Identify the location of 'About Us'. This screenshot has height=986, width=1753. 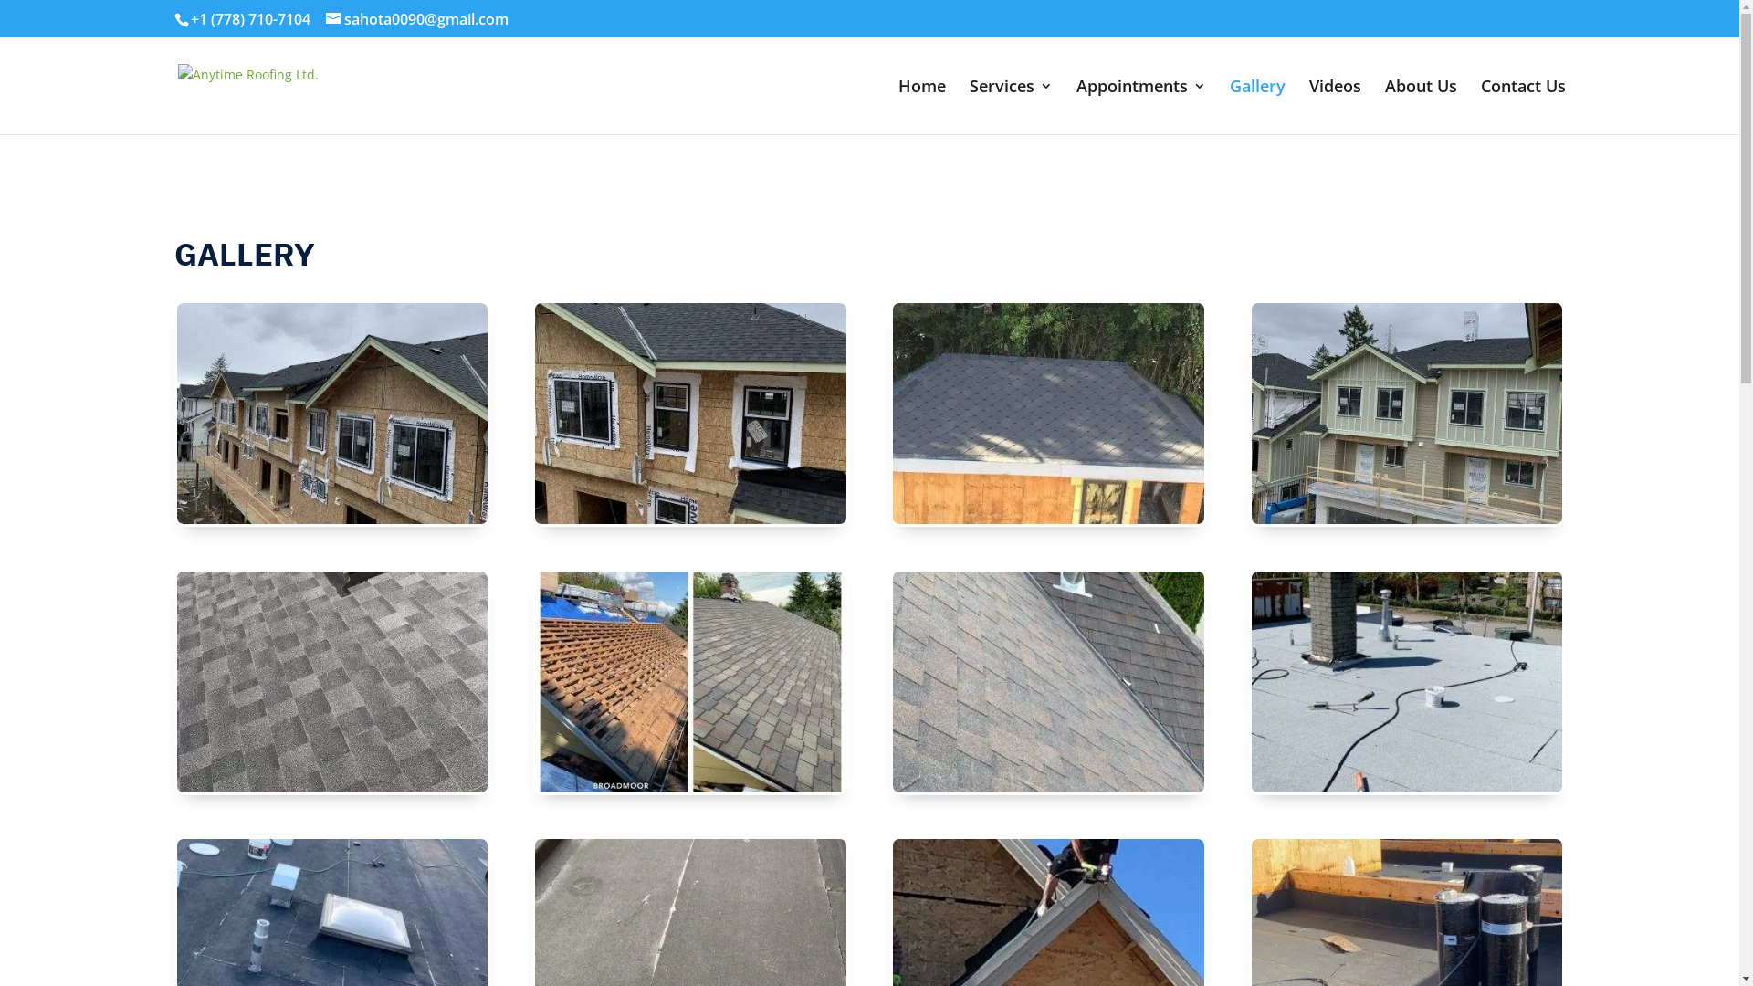
(1384, 106).